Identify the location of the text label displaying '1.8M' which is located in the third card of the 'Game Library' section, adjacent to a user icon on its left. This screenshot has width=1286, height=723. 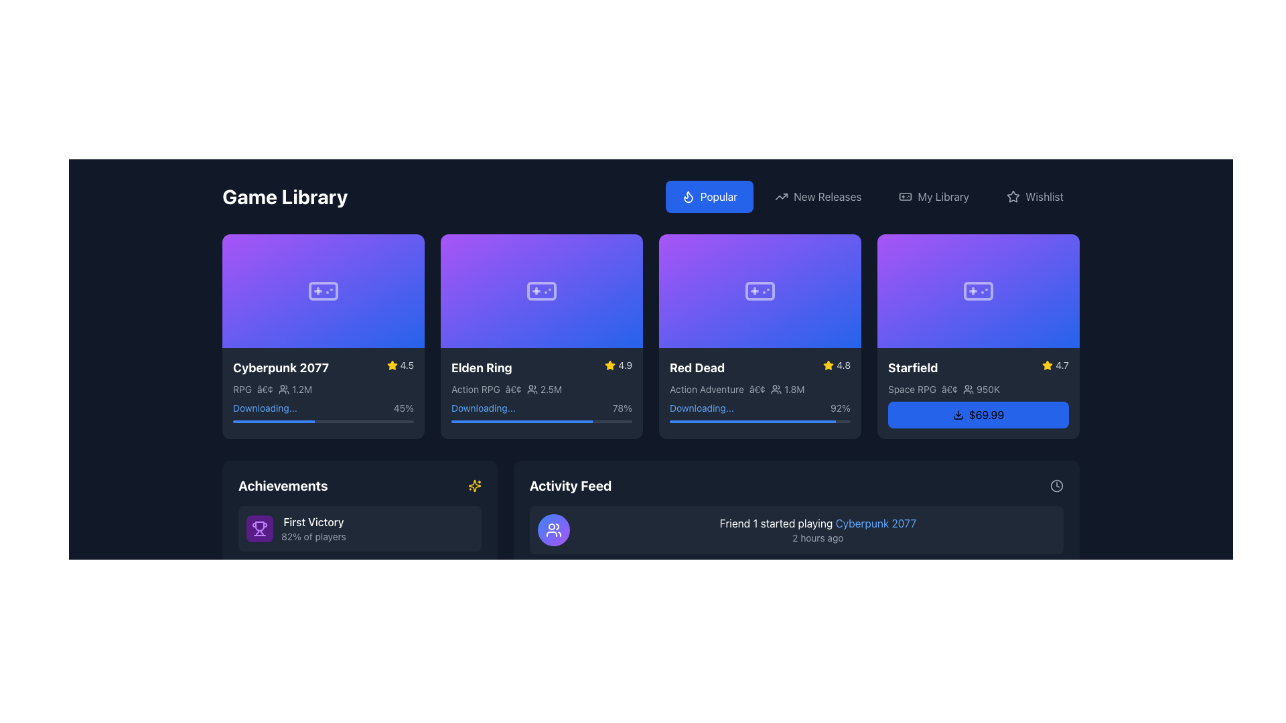
(788, 389).